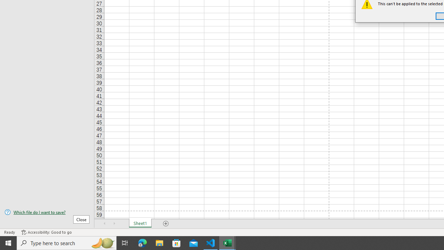 The height and width of the screenshot is (250, 444). I want to click on 'Task View', so click(125, 242).